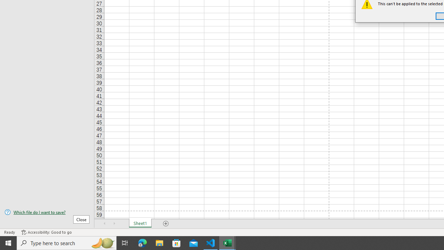 The height and width of the screenshot is (250, 444). I want to click on 'Task View', so click(125, 242).